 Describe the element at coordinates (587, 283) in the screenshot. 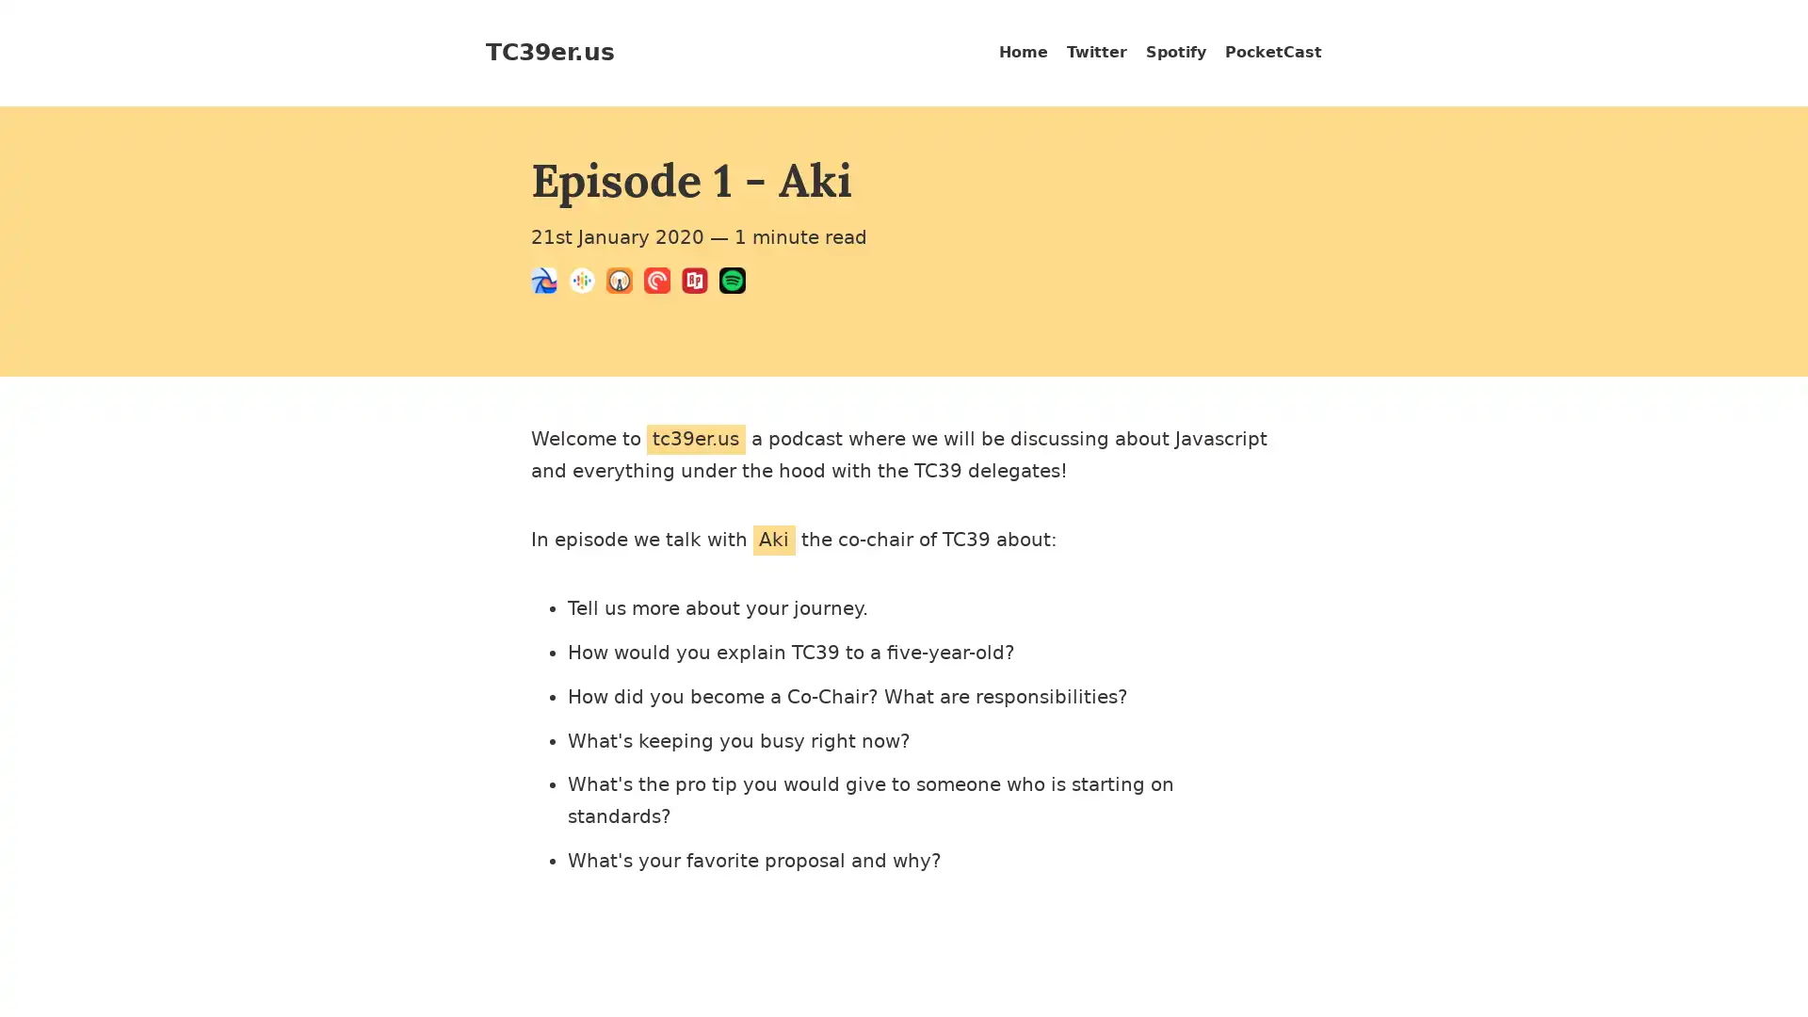

I see `Google Podcasts Logo` at that location.